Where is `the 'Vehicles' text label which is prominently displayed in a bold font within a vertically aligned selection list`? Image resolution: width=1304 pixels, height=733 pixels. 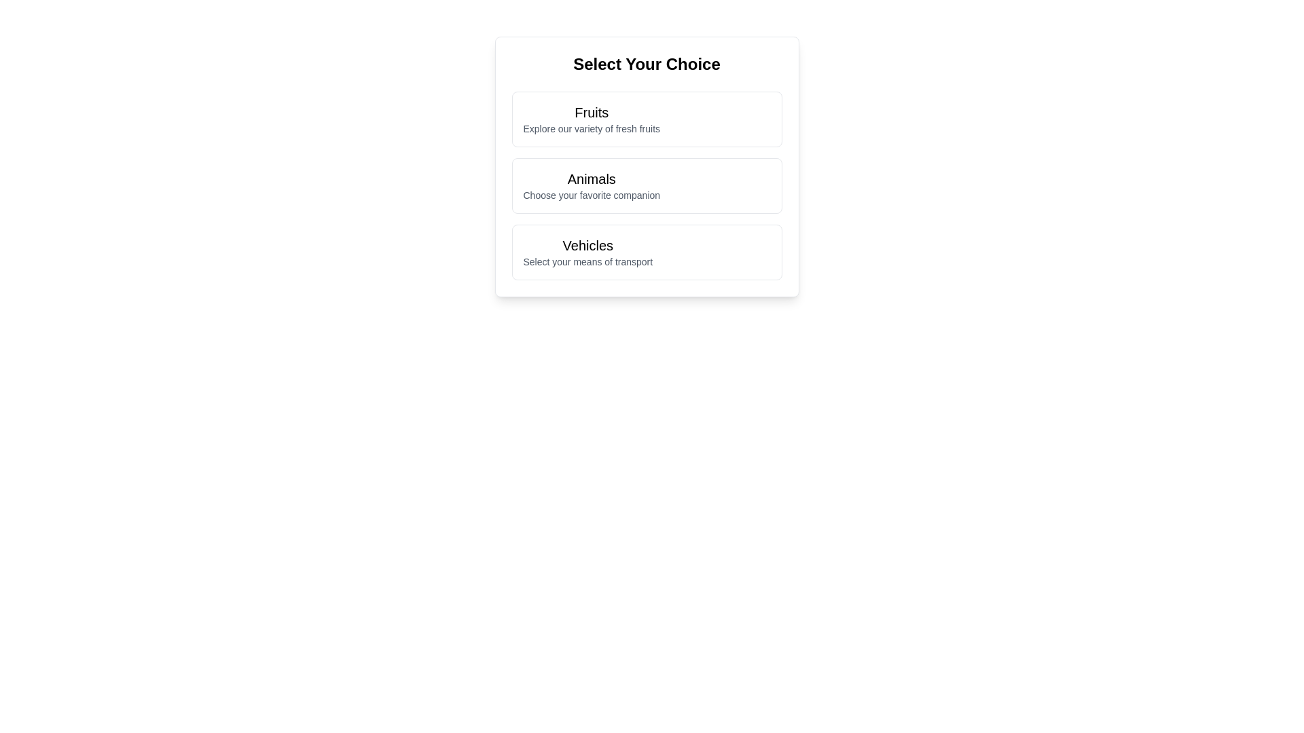
the 'Vehicles' text label which is prominently displayed in a bold font within a vertically aligned selection list is located at coordinates (587, 246).